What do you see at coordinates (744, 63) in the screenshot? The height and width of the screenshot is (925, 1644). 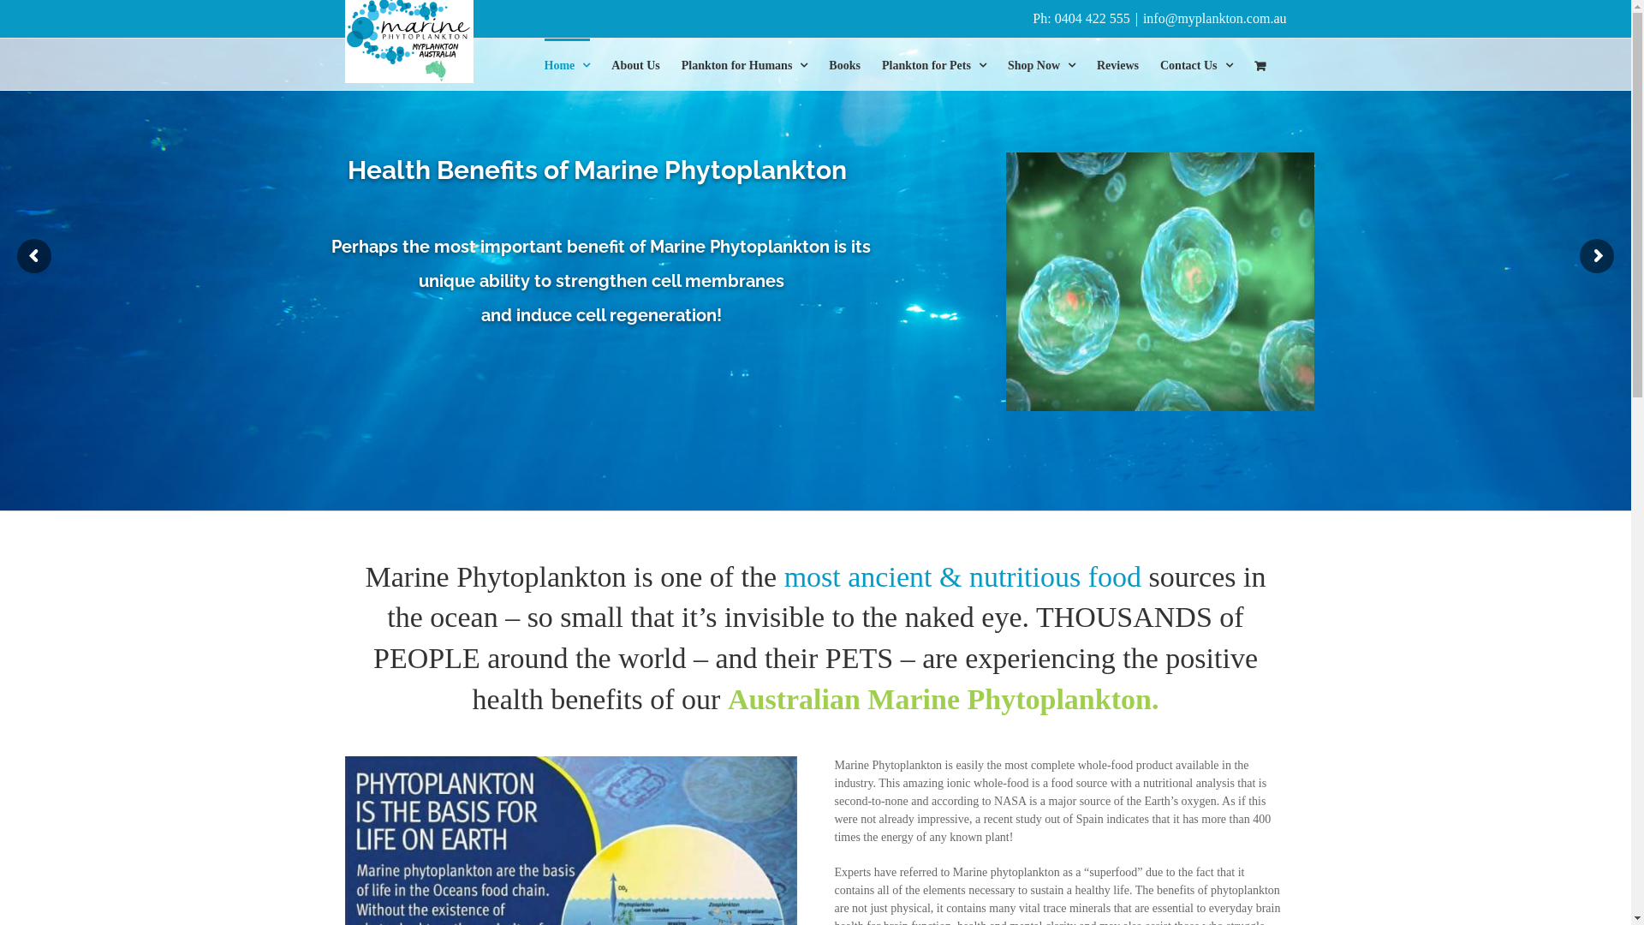 I see `'Plankton for Humans'` at bounding box center [744, 63].